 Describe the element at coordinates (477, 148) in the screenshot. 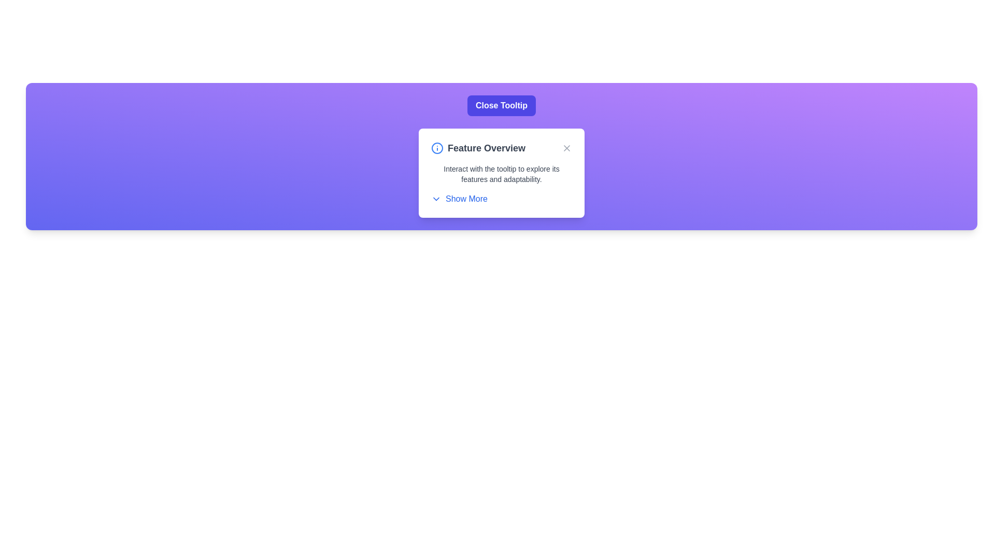

I see `text label 'Feature Overview' which is styled in bold and located at the upper-left part of the popup, next to an informational icon` at that location.